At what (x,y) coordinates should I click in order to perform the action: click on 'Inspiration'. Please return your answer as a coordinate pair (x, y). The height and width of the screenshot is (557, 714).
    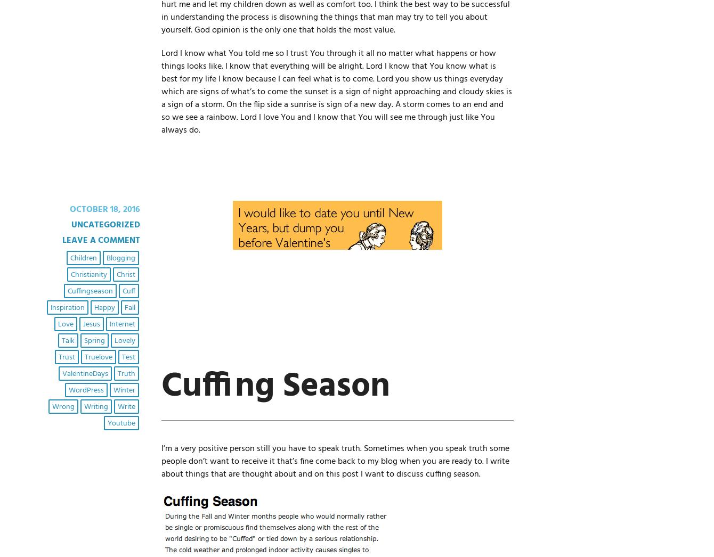
    Looking at the image, I should click on (67, 308).